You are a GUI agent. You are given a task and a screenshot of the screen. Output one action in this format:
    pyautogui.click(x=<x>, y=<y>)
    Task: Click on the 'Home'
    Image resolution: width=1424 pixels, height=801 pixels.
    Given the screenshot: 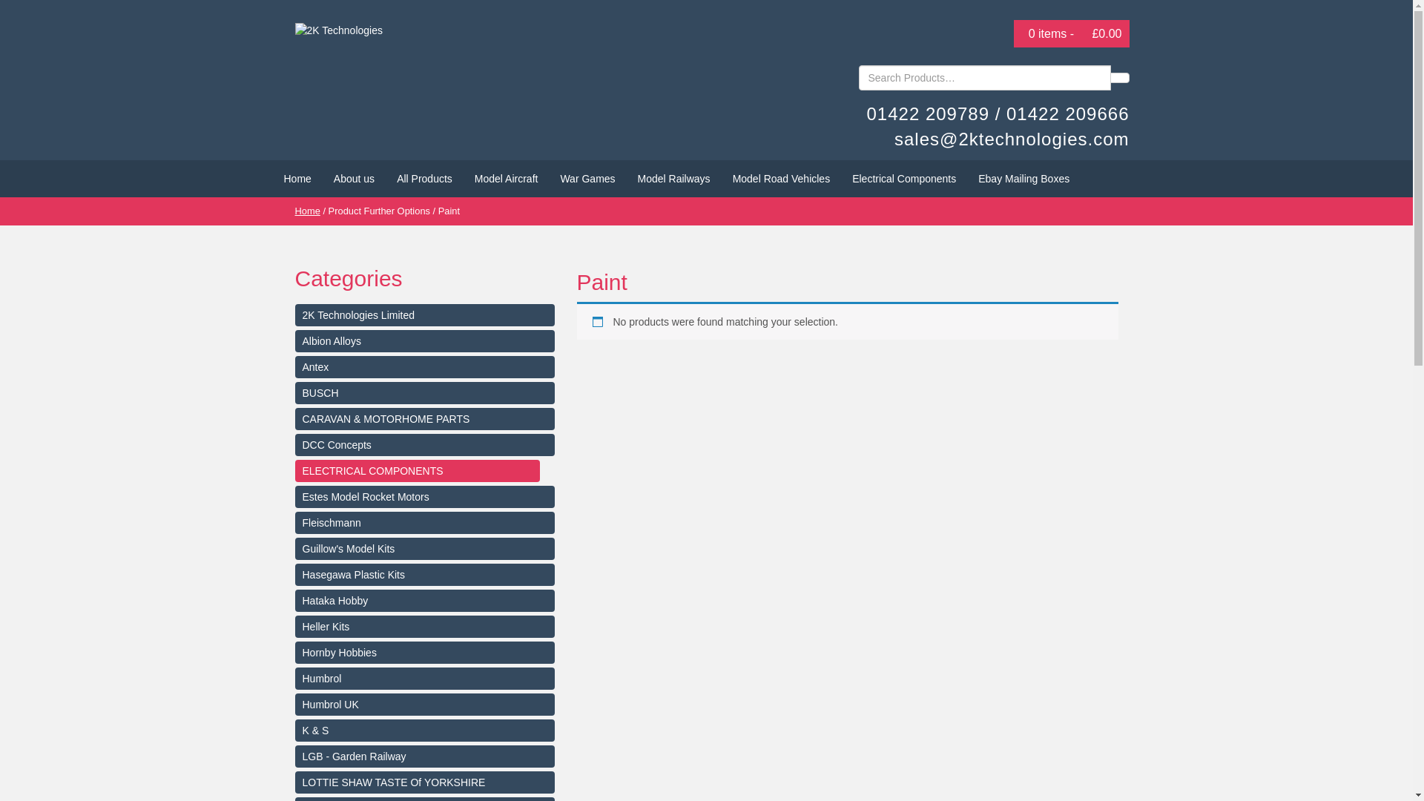 What is the action you would take?
    pyautogui.click(x=306, y=211)
    